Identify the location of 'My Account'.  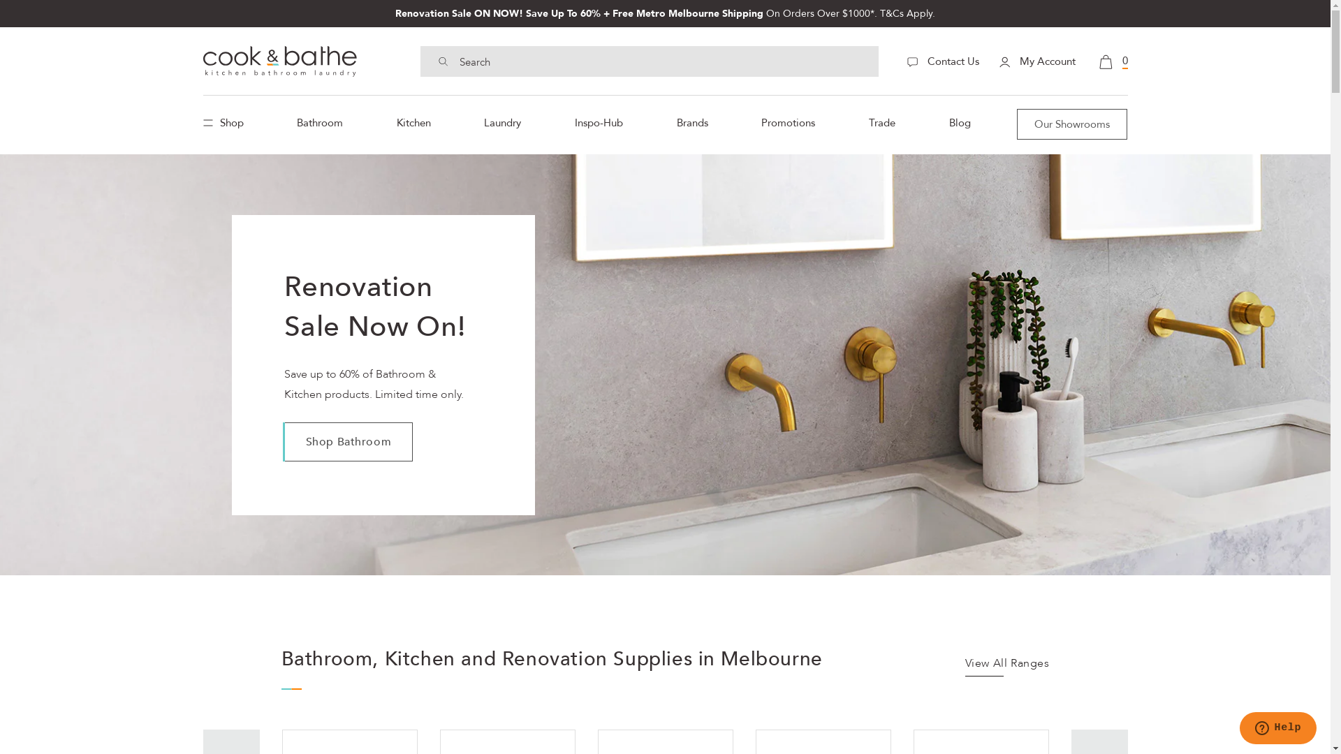
(1036, 61).